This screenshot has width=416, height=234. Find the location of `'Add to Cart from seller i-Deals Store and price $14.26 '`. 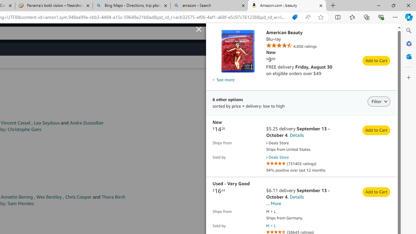

'Add to Cart from seller i-Deals Store and price $14.26 ' is located at coordinates (376, 130).